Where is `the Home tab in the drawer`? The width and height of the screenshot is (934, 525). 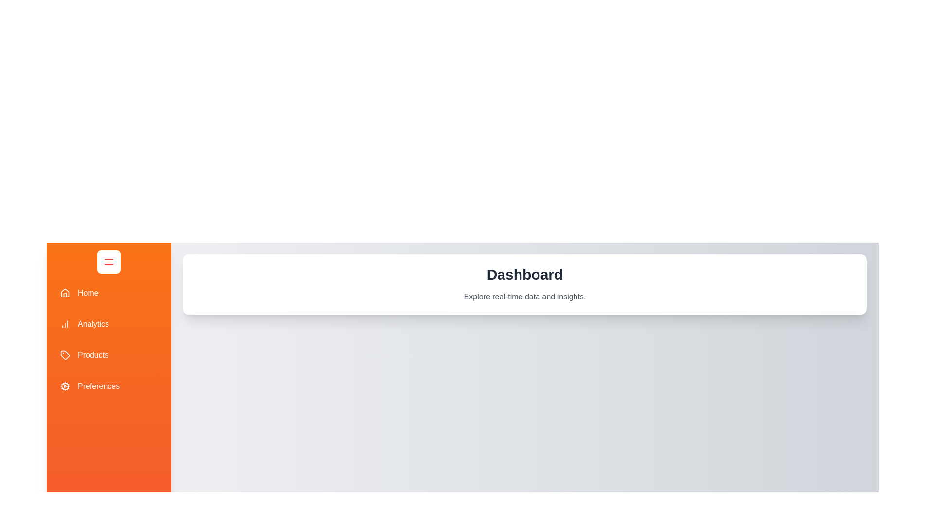
the Home tab in the drawer is located at coordinates (109, 292).